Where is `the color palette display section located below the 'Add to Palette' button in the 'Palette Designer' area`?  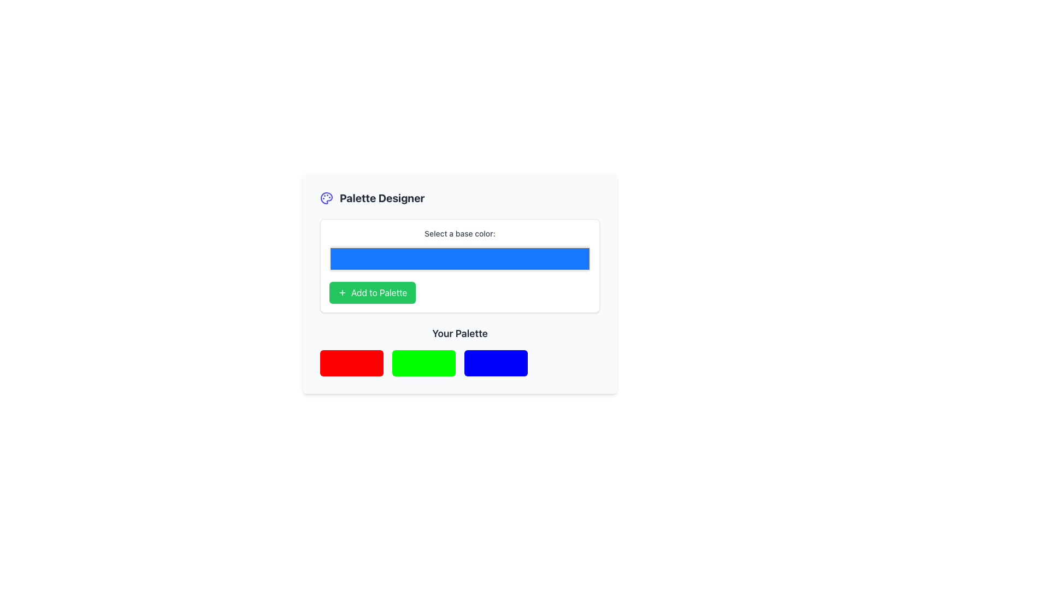 the color palette display section located below the 'Add to Palette' button in the 'Palette Designer' area is located at coordinates (459, 351).